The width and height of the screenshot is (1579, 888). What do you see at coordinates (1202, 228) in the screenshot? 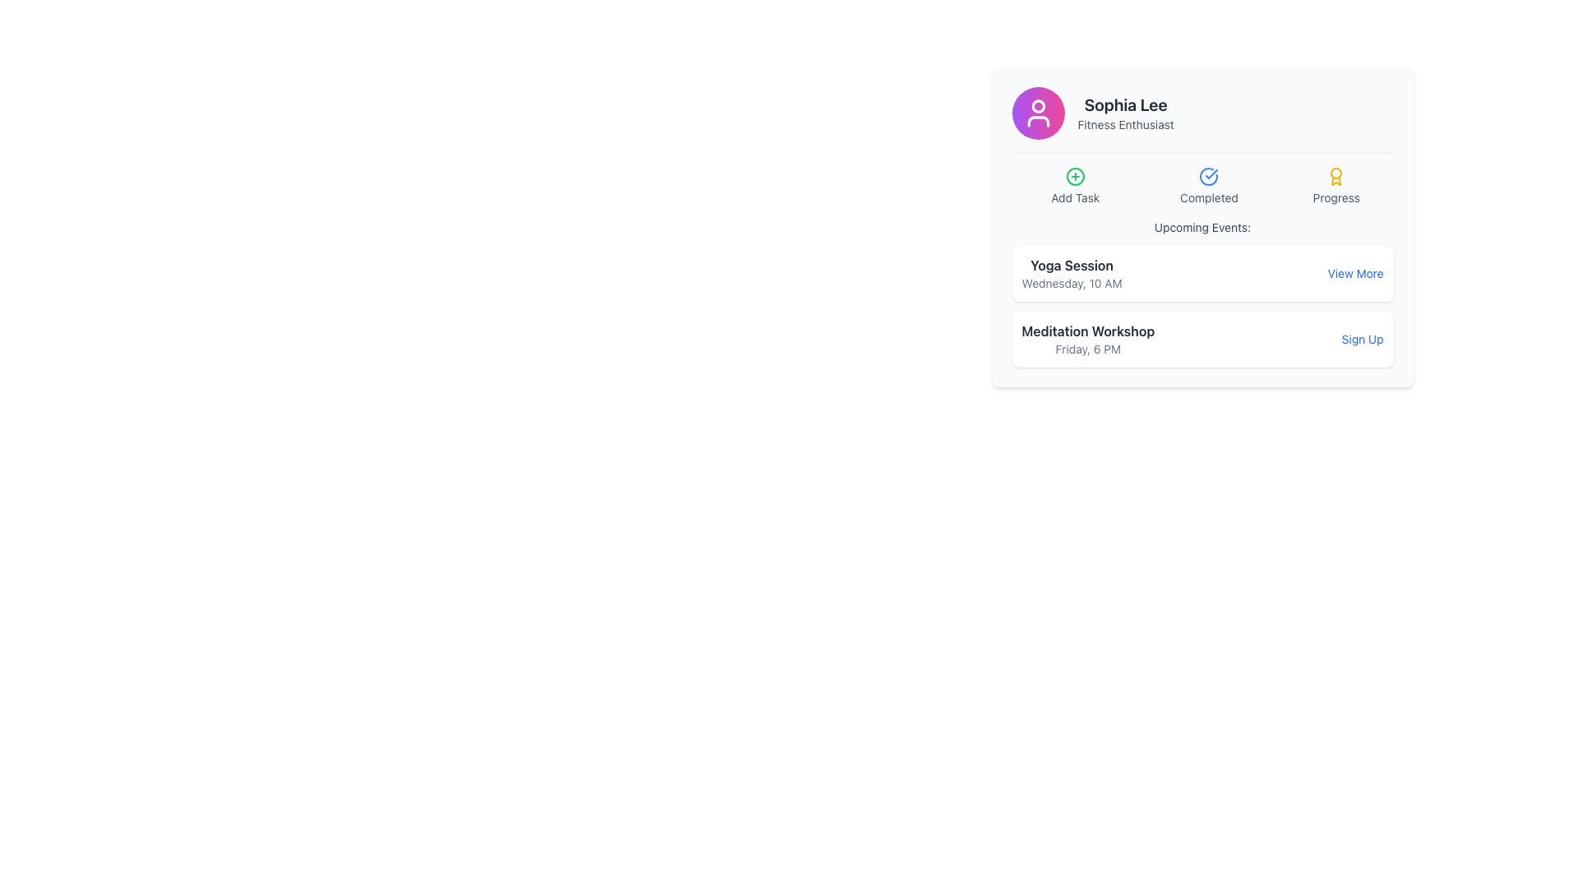
I see `the text label that reads 'Upcoming Events:', which is styled in gray and positioned at the top of the card interface displaying user details and activities` at bounding box center [1202, 228].